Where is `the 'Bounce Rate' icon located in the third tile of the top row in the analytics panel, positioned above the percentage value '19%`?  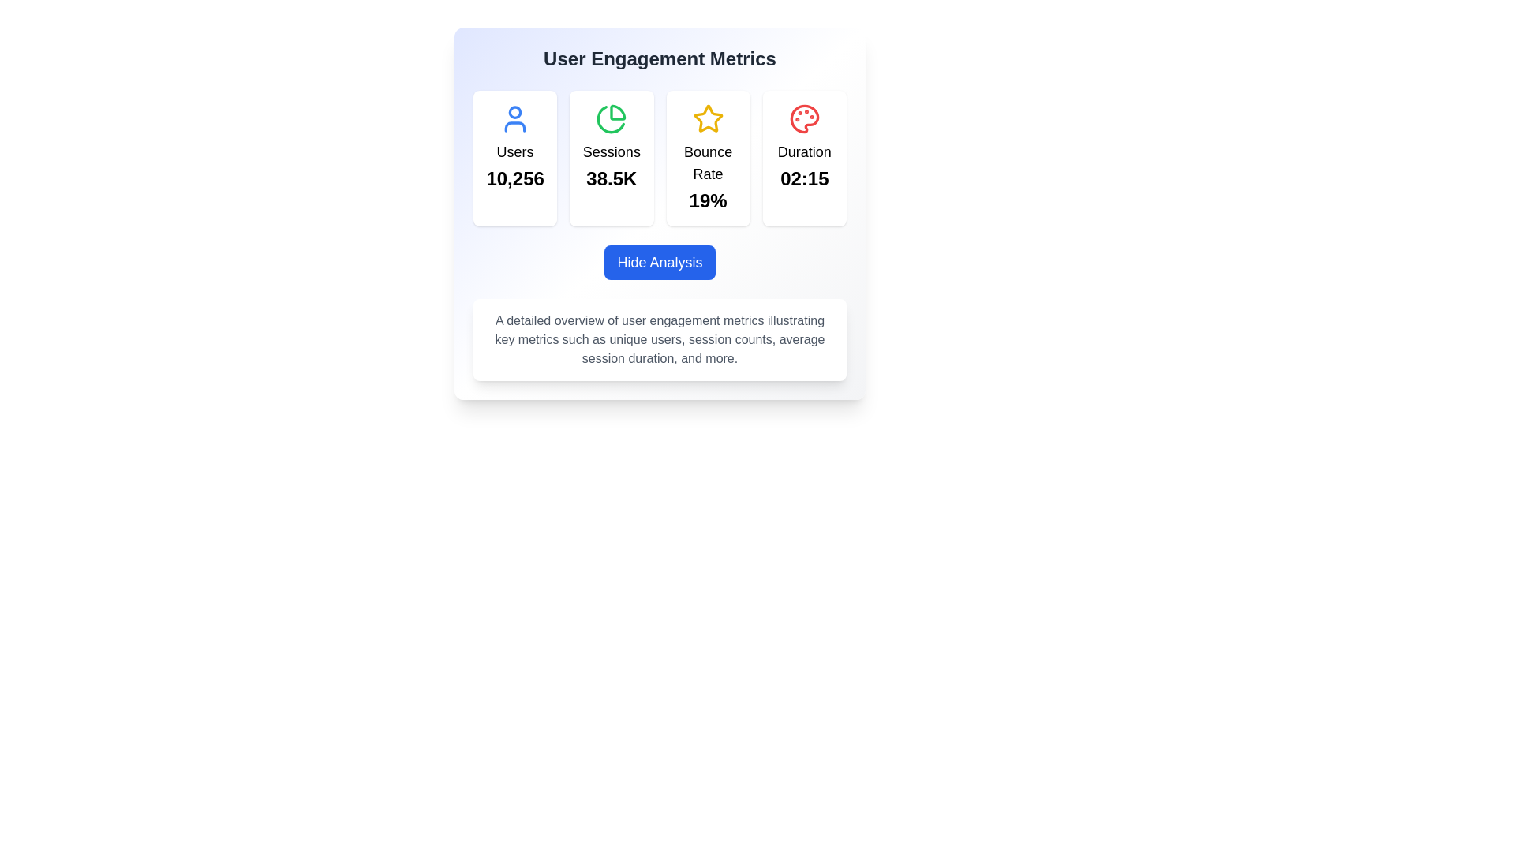 the 'Bounce Rate' icon located in the third tile of the top row in the analytics panel, positioned above the percentage value '19% is located at coordinates (707, 118).